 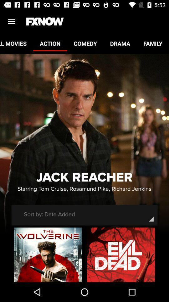 What do you see at coordinates (49, 214) in the screenshot?
I see `sort by date icon` at bounding box center [49, 214].